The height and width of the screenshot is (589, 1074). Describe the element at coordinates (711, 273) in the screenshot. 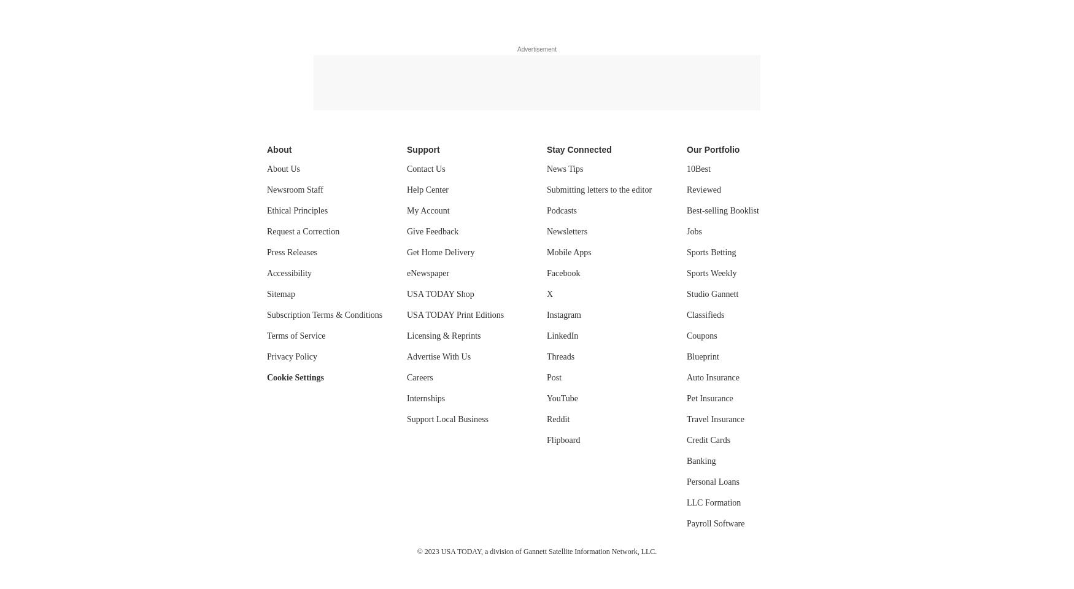

I see `'Sports Weekly'` at that location.